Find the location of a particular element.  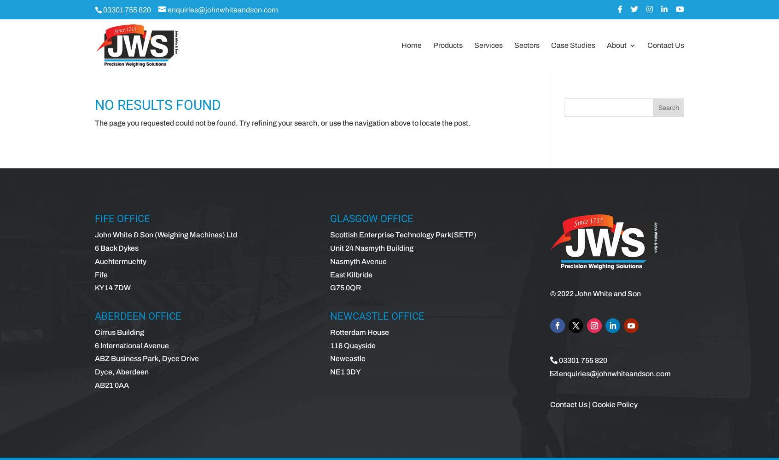

'The page you requested could not be found. Try refining your search, or use the navigation above to locate the post.' is located at coordinates (282, 123).